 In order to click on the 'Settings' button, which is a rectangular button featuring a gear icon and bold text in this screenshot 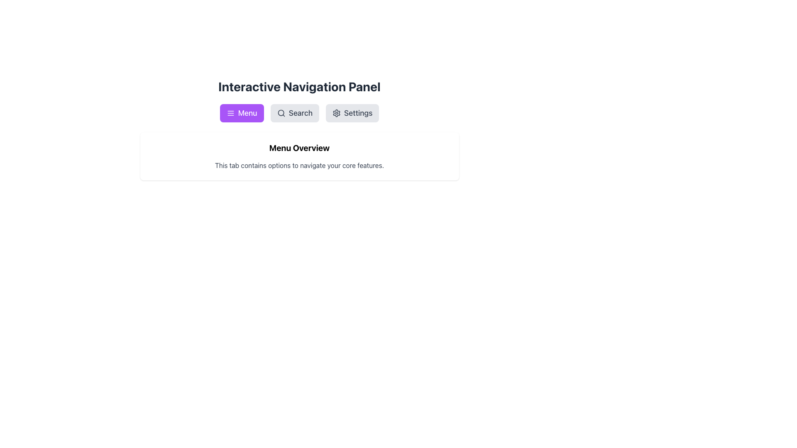, I will do `click(352, 113)`.